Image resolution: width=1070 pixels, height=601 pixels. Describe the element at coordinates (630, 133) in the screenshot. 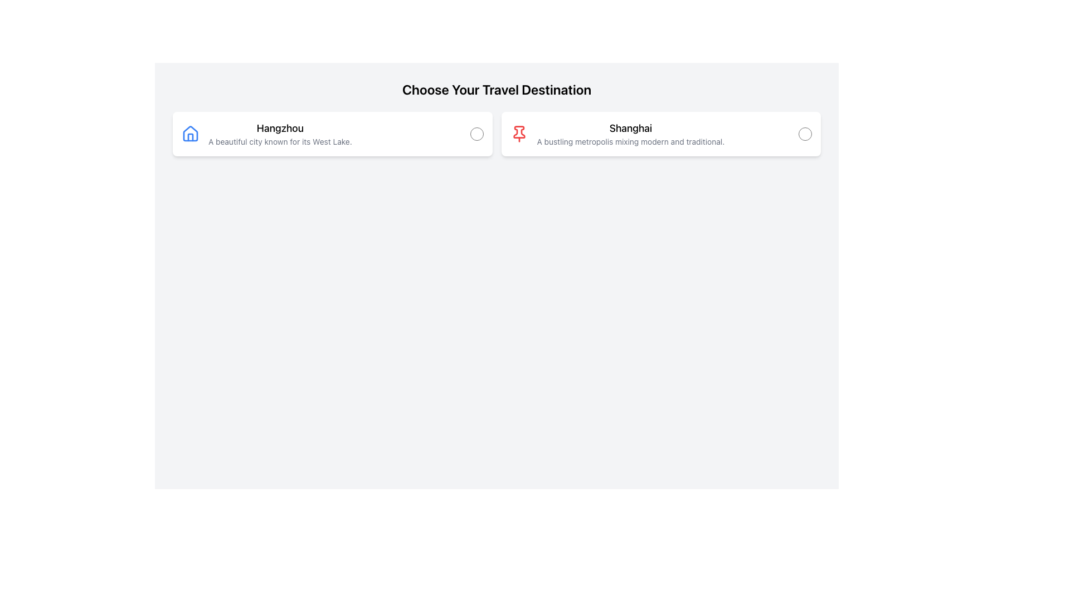

I see `the text display element that shows 'Shanghai' with the subtitle 'A bustling metropolis mixing modern and traditional.' located in the second option card of the horizontally aligned selection panel` at that location.